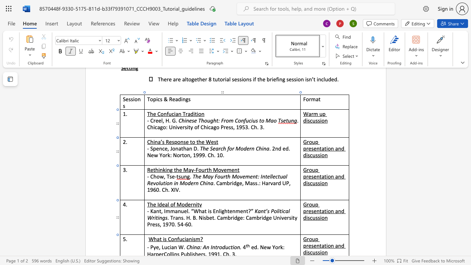 The image size is (471, 265). What do you see at coordinates (196, 239) in the screenshot?
I see `the space between the continuous character "s" and "m" in the text` at bounding box center [196, 239].